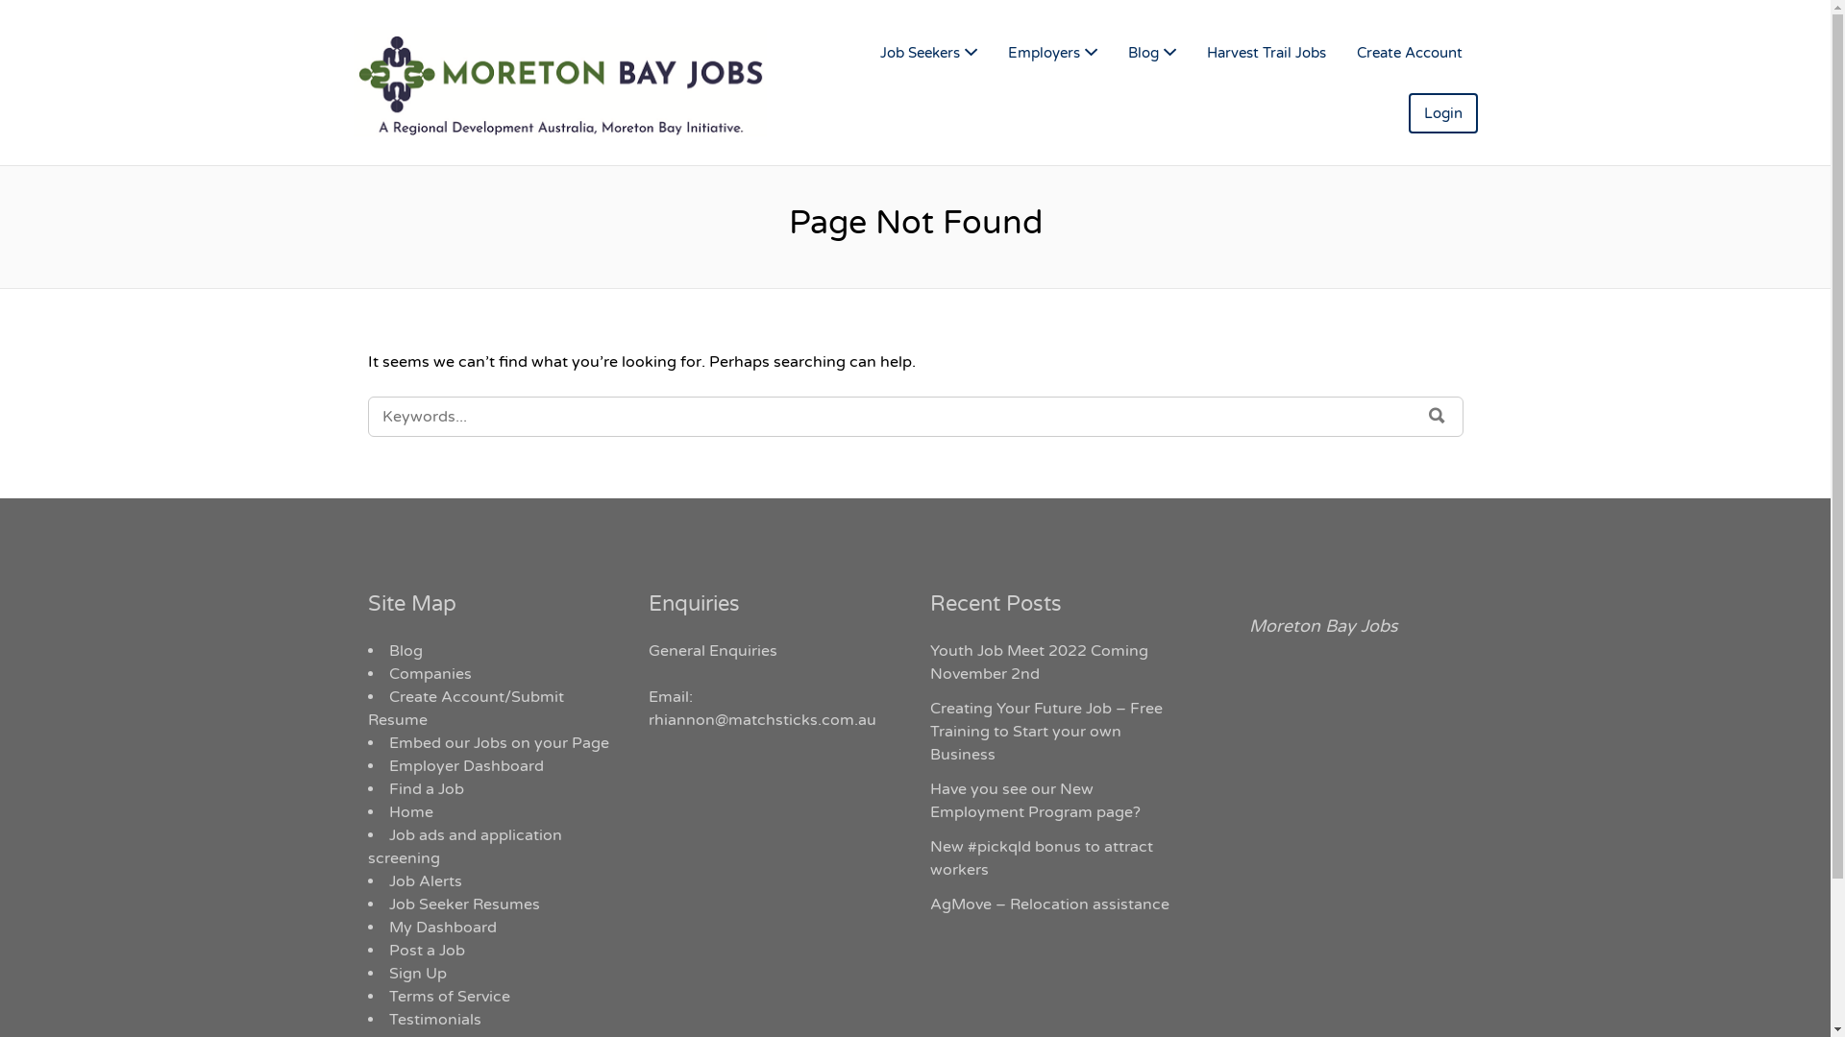 This screenshot has height=1037, width=1845. Describe the element at coordinates (463, 904) in the screenshot. I see `'Job Seeker Resumes'` at that location.